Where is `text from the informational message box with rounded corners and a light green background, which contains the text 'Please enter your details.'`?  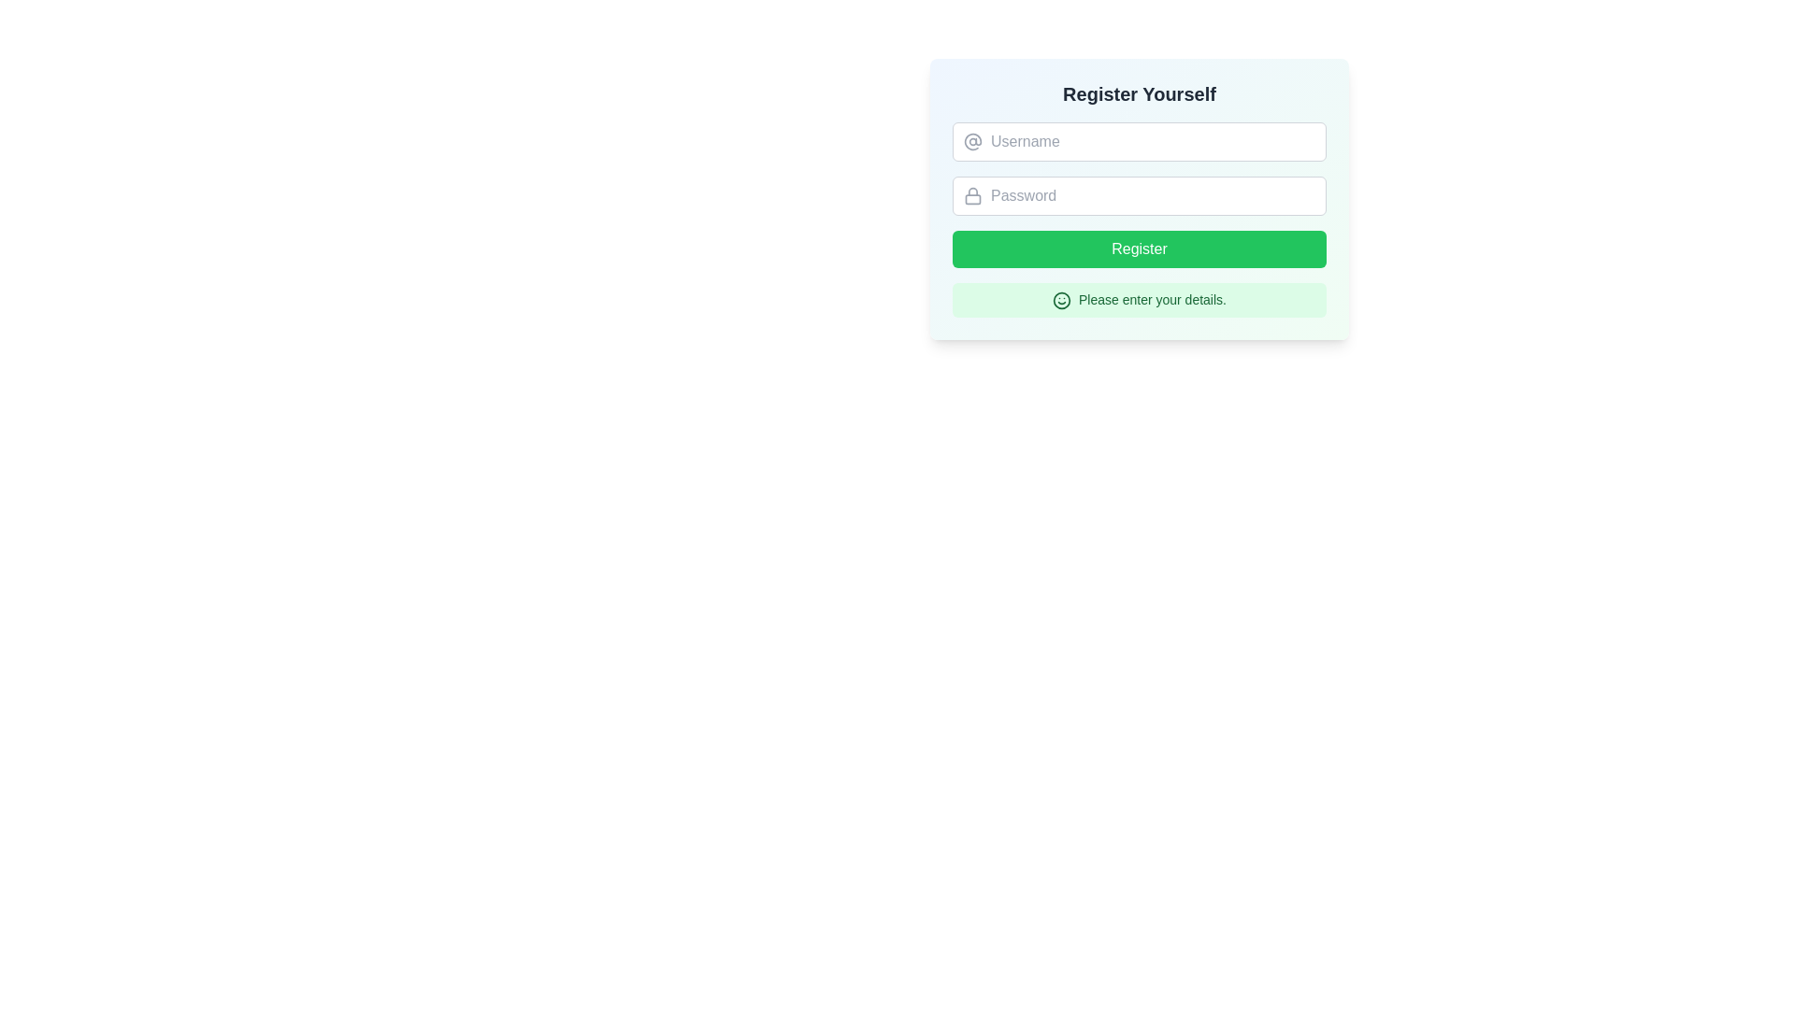 text from the informational message box with rounded corners and a light green background, which contains the text 'Please enter your details.' is located at coordinates (1139, 298).